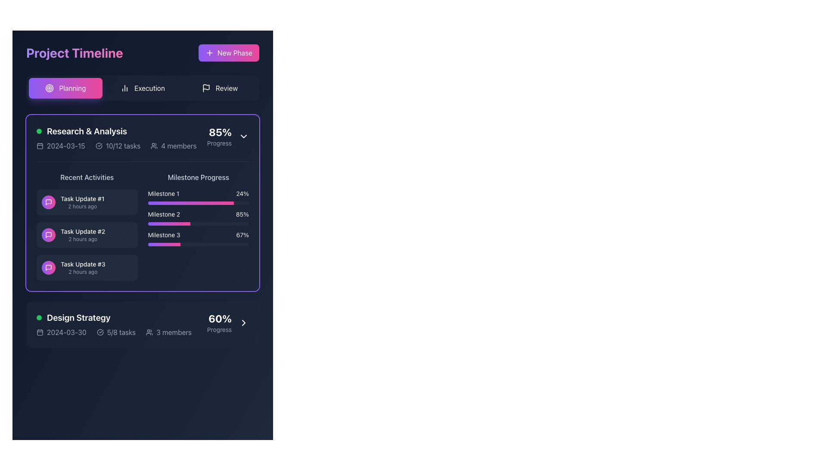 This screenshot has width=827, height=465. Describe the element at coordinates (143, 324) in the screenshot. I see `the Informative card located at the bottom of the main interface` at that location.